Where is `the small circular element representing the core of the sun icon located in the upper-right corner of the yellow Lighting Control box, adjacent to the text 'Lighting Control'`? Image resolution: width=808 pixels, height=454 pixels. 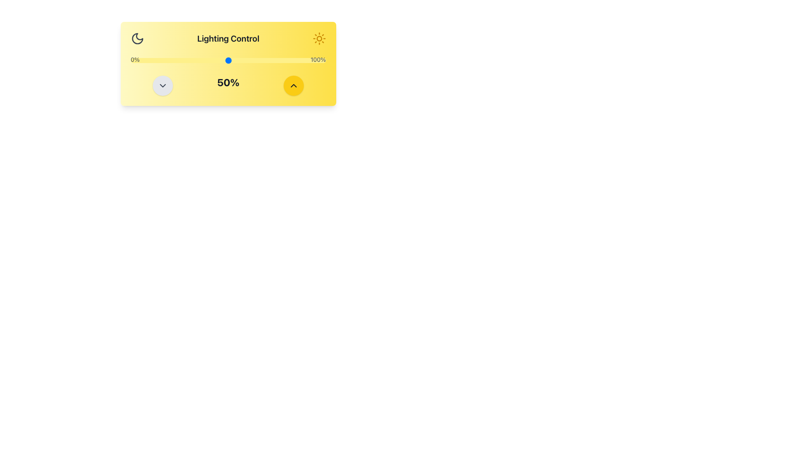 the small circular element representing the core of the sun icon located in the upper-right corner of the yellow Lighting Control box, adjacent to the text 'Lighting Control' is located at coordinates (319, 39).